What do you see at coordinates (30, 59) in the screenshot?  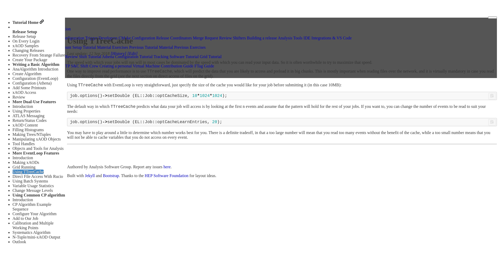 I see `'Create Your Package'` at bounding box center [30, 59].